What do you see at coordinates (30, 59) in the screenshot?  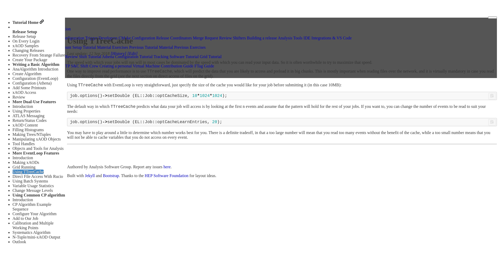 I see `'Create Your Package'` at bounding box center [30, 59].